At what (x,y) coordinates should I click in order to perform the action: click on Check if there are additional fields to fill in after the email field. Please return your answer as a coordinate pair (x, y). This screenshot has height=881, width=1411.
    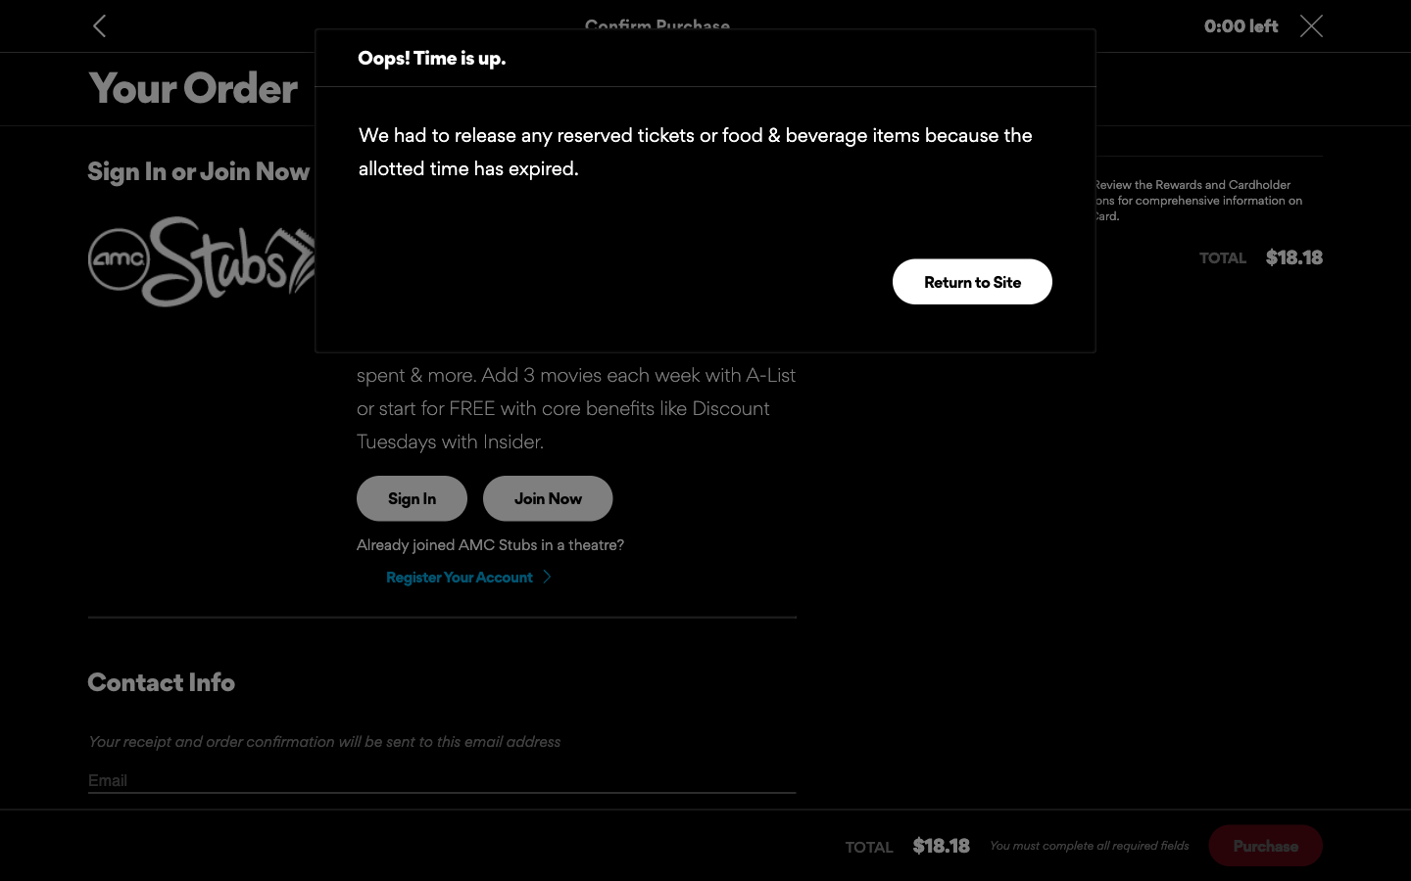
    Looking at the image, I should click on (442, 780).